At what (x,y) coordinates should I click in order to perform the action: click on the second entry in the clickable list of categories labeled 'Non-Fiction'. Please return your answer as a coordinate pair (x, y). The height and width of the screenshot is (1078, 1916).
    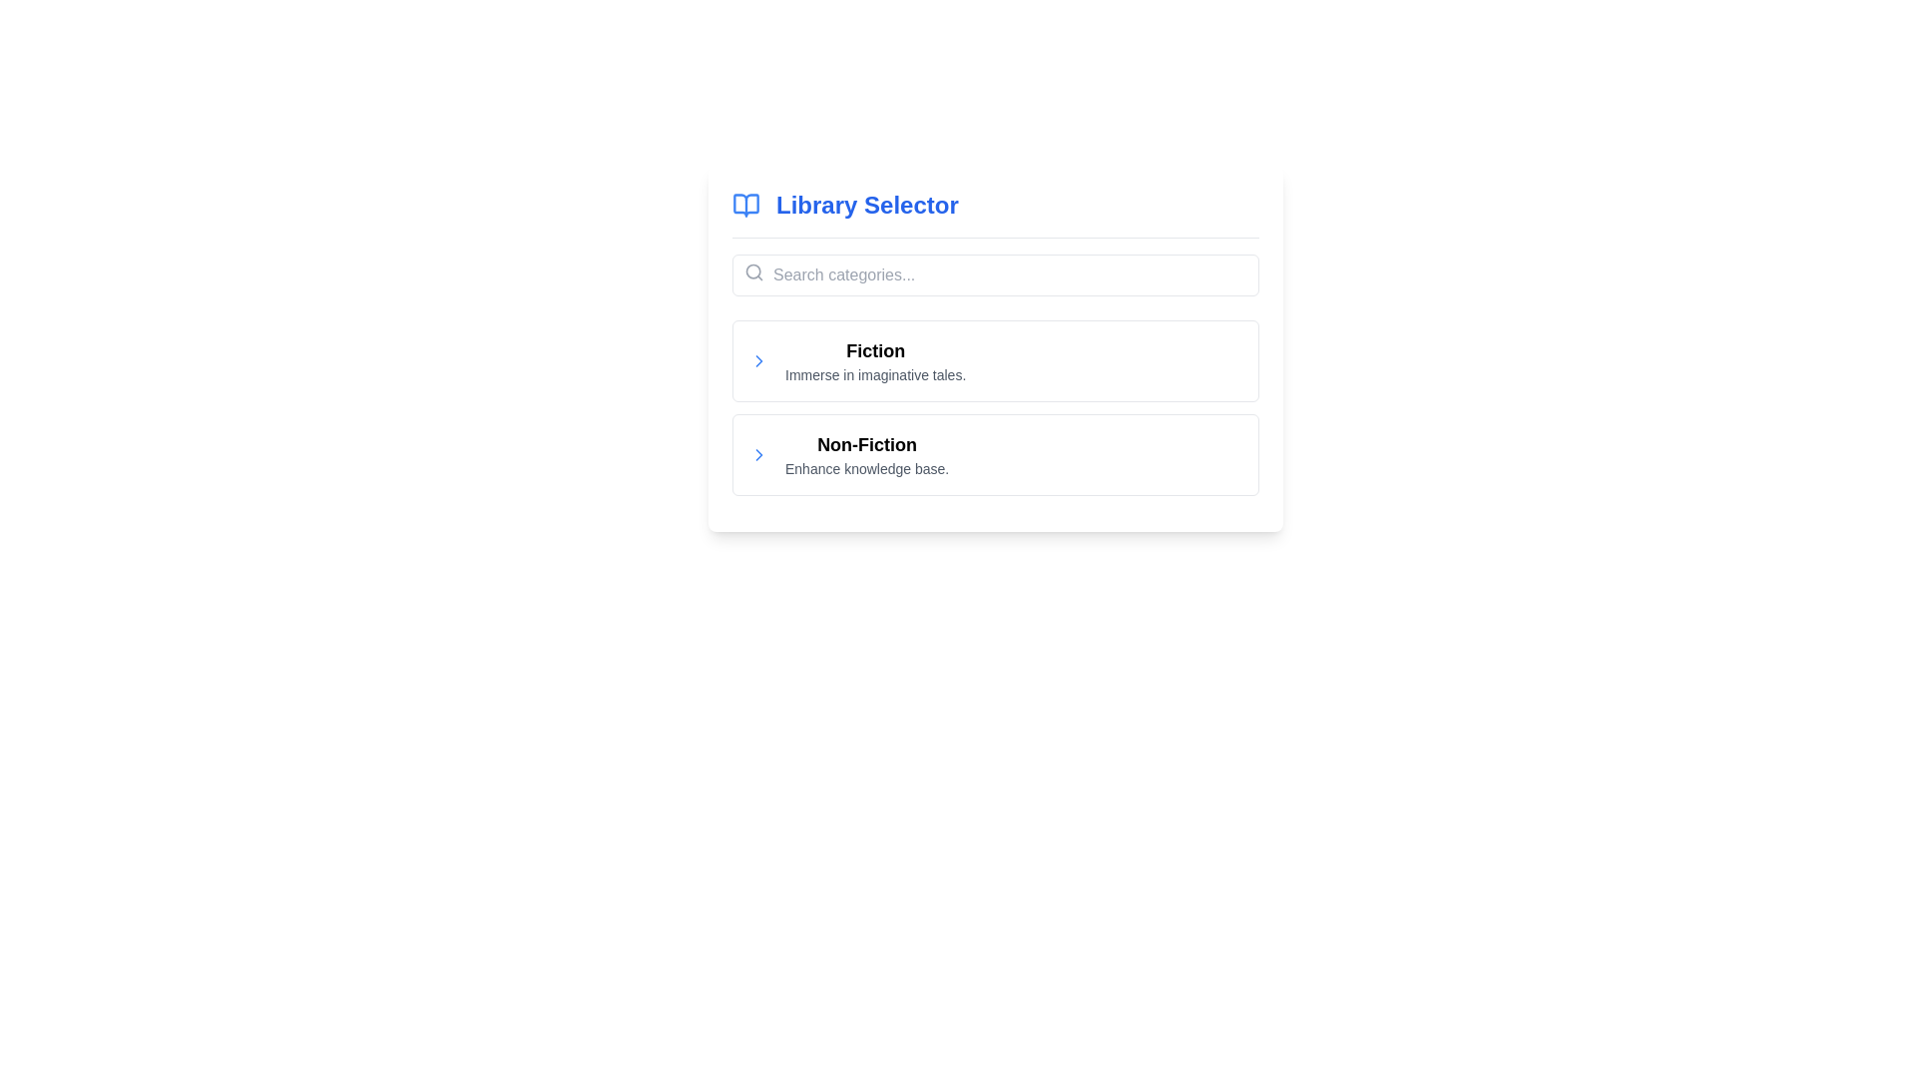
    Looking at the image, I should click on (996, 454).